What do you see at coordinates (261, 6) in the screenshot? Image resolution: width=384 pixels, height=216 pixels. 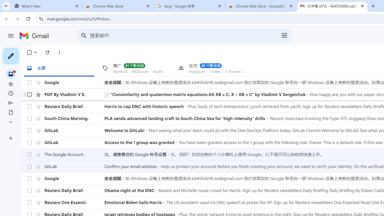 I see `'Chrome Web Store - Accessibility'` at bounding box center [261, 6].